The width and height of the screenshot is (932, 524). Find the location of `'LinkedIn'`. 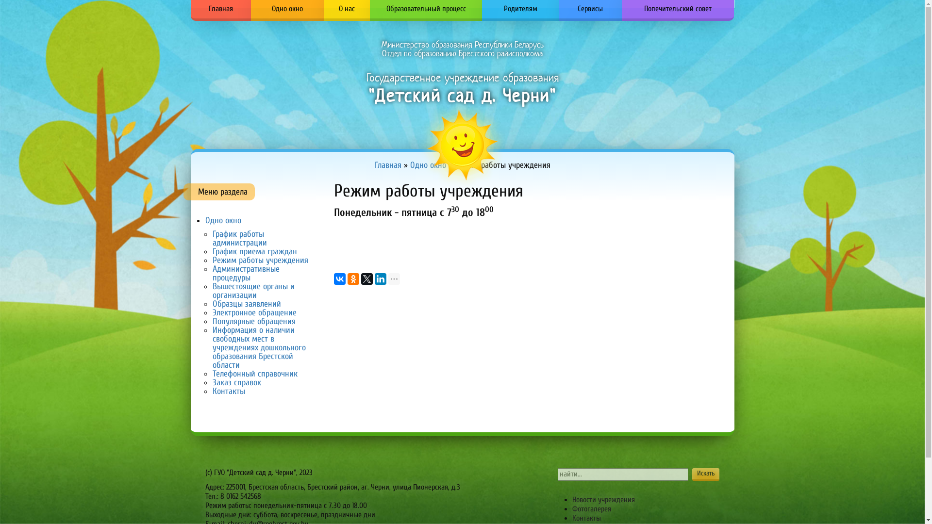

'LinkedIn' is located at coordinates (380, 278).